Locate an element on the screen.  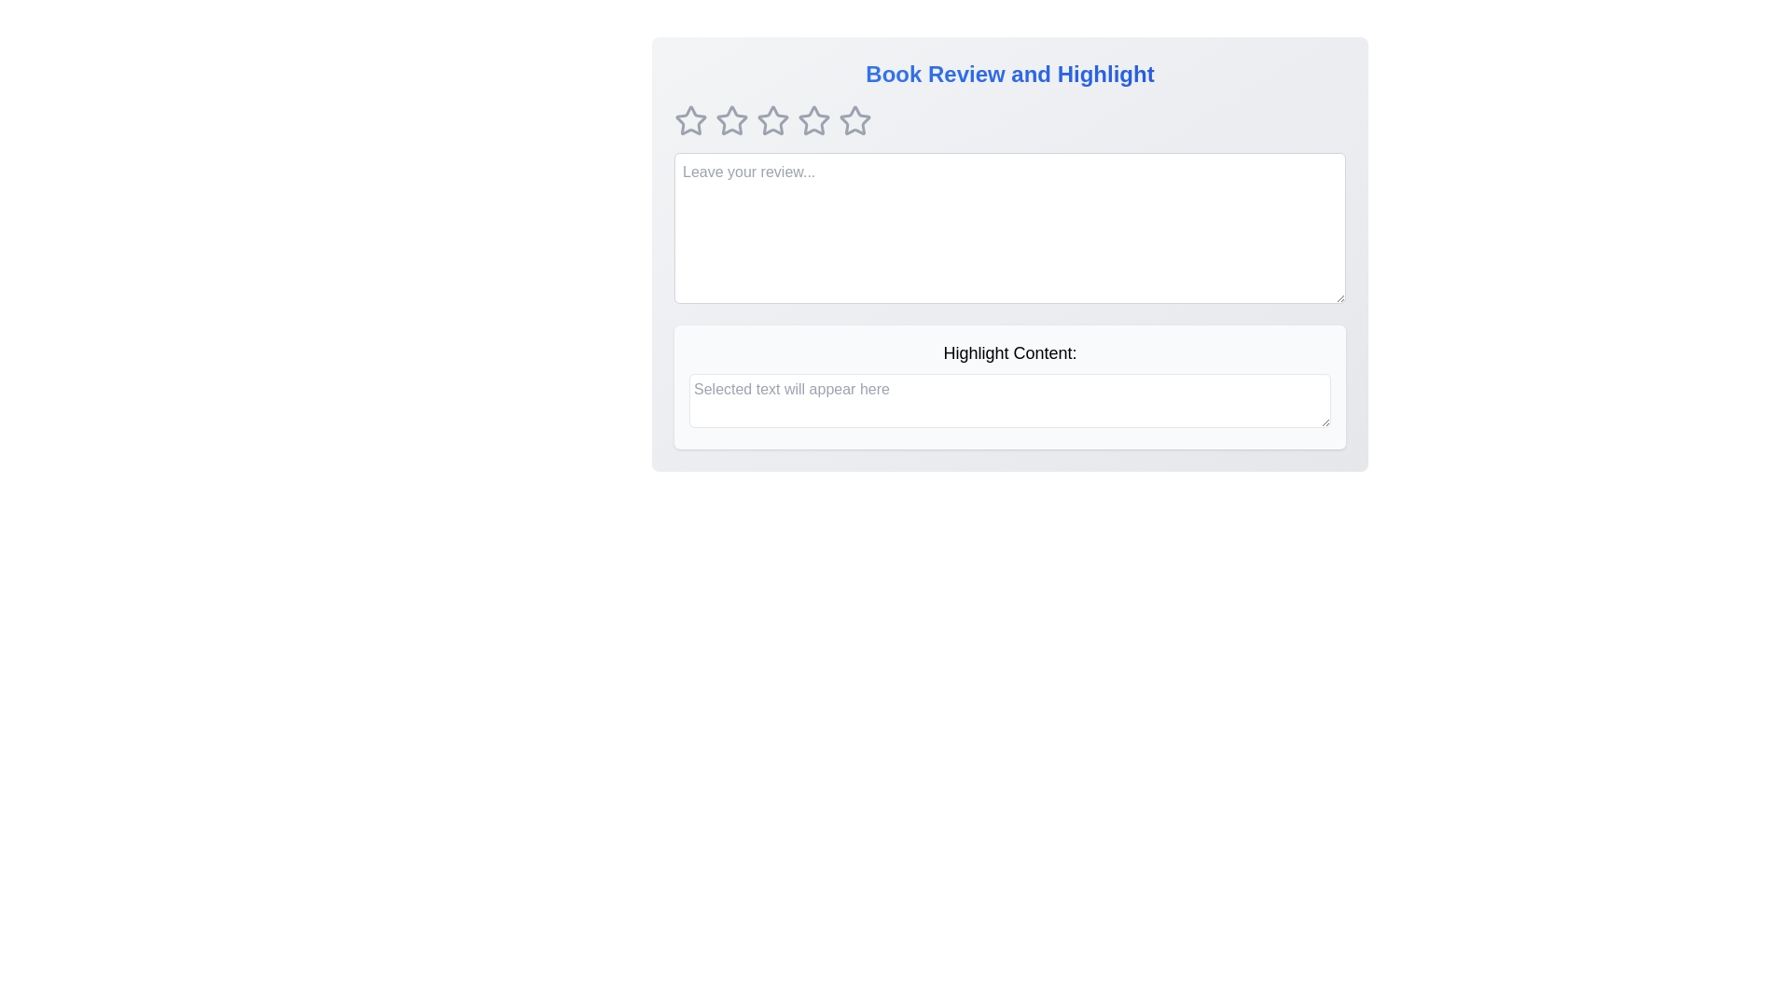
the star rating icon corresponding to 3 stars to preview the rating is located at coordinates (773, 121).